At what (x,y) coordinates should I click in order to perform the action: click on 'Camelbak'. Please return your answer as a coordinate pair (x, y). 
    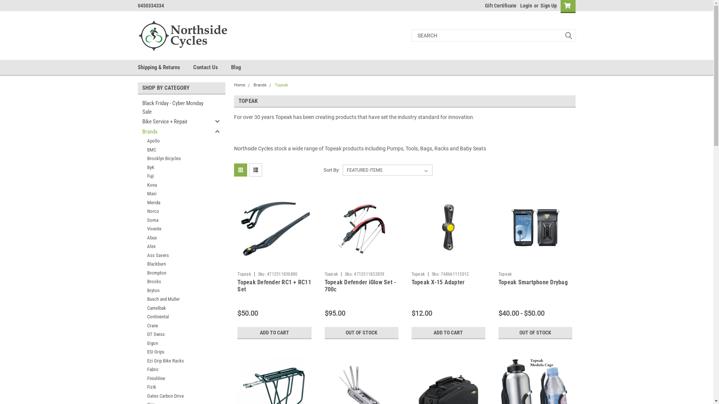
    Looking at the image, I should click on (175, 308).